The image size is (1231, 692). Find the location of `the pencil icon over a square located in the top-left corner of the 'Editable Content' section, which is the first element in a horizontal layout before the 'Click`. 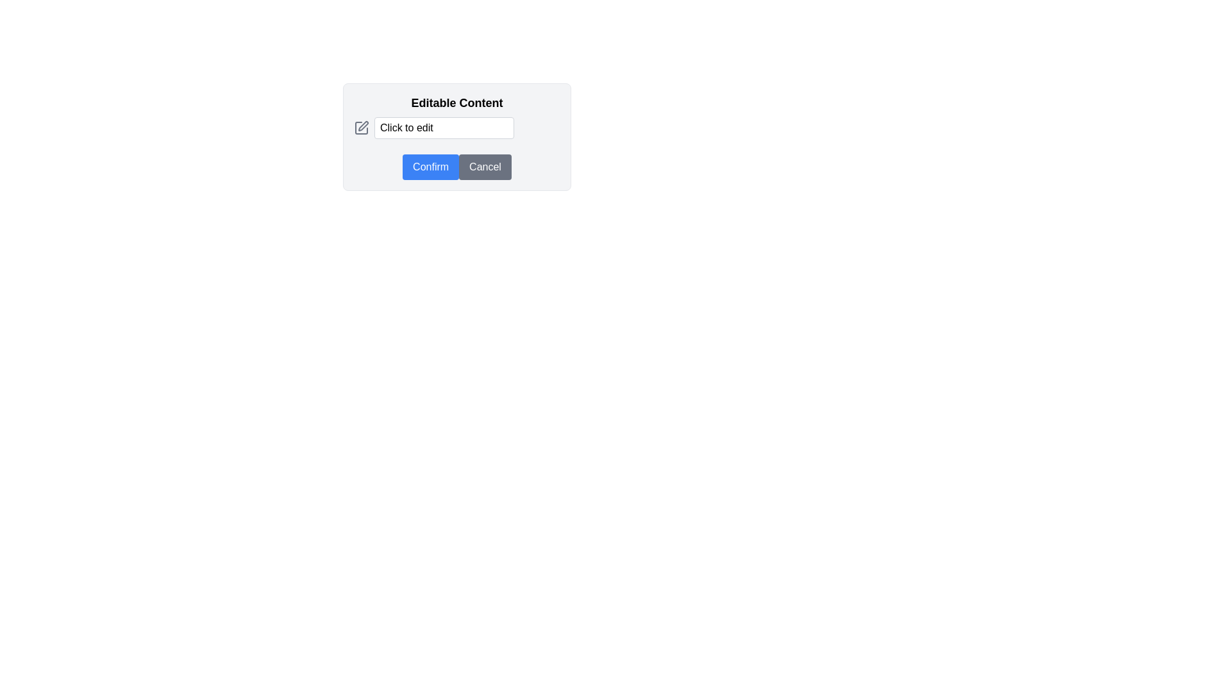

the pencil icon over a square located in the top-left corner of the 'Editable Content' section, which is the first element in a horizontal layout before the 'Click is located at coordinates (361, 128).